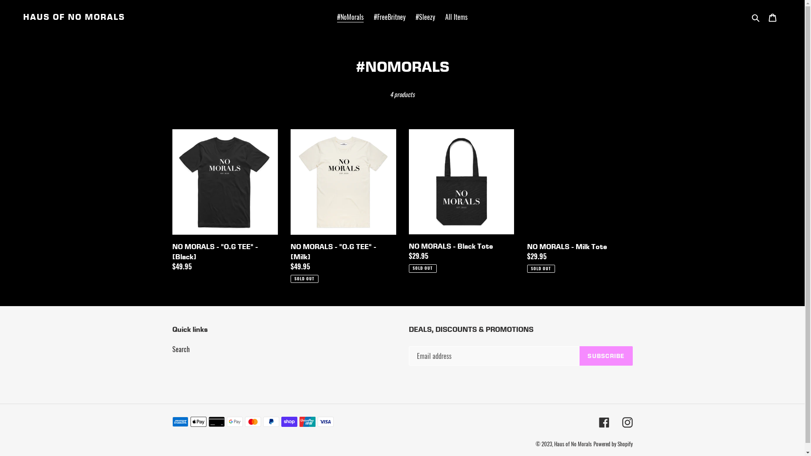 The height and width of the screenshot is (456, 811). I want to click on 'Cart', so click(772, 16).